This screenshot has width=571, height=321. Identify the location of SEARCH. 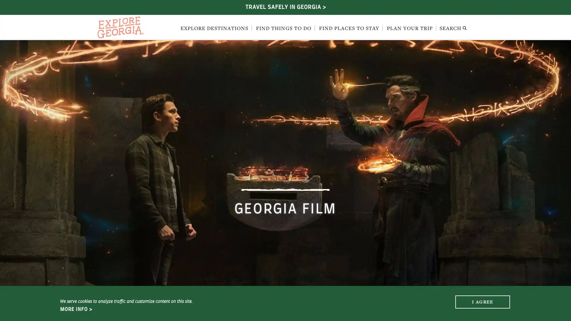
(453, 29).